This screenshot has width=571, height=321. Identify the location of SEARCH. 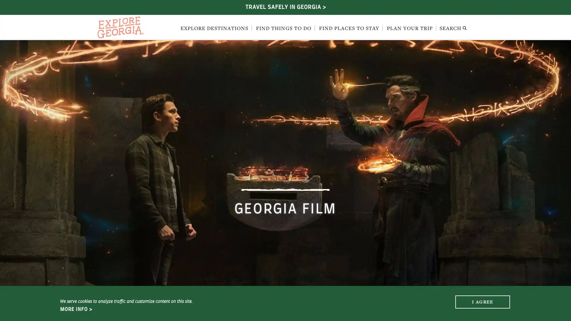
(453, 29).